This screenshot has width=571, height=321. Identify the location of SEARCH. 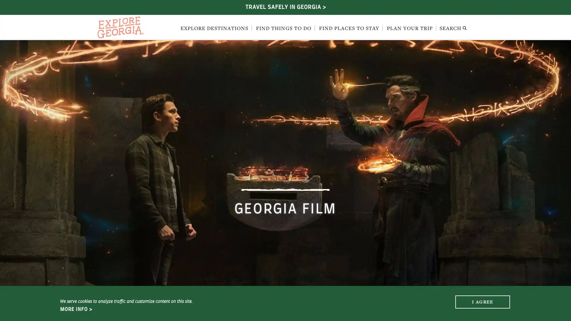
(453, 29).